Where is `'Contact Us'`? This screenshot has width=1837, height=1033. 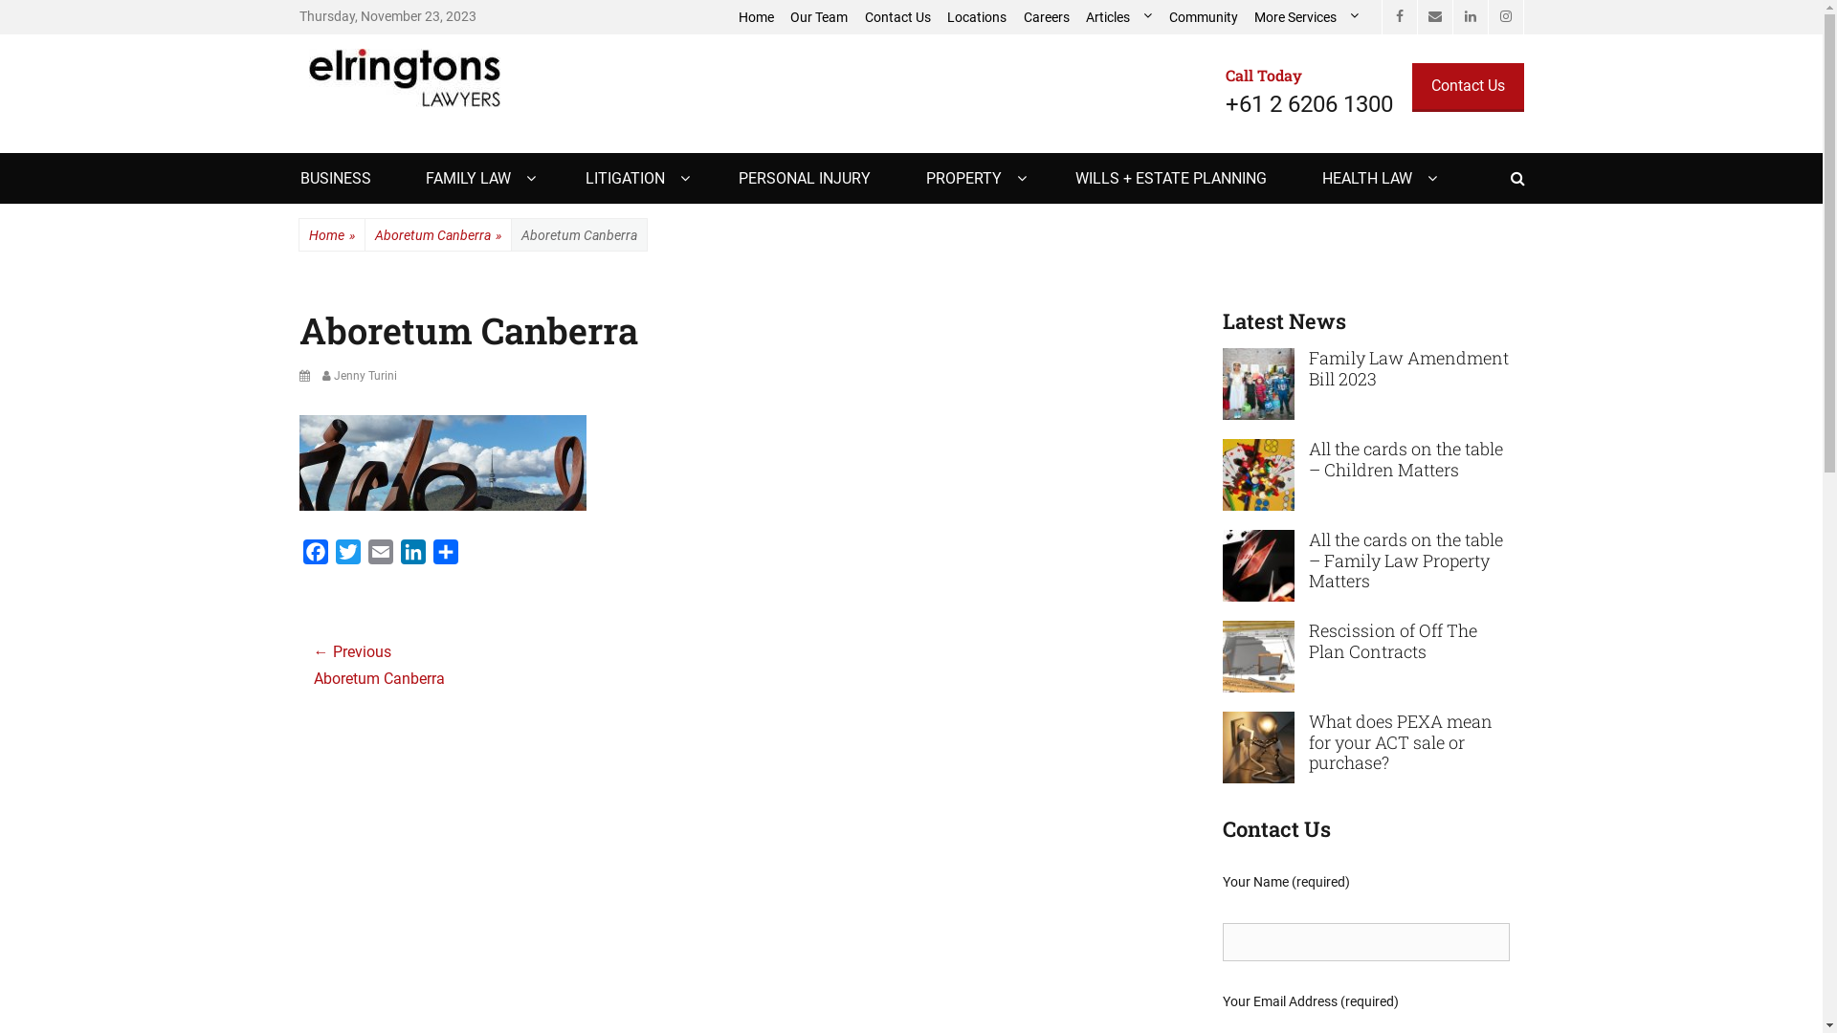
'Contact Us' is located at coordinates (1467, 87).